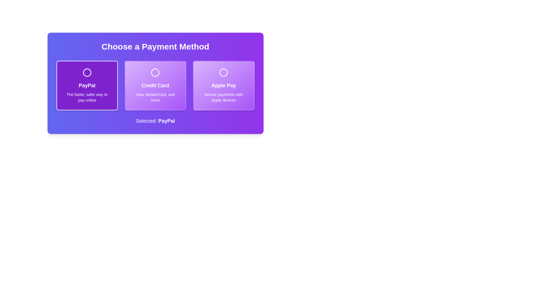 This screenshot has height=304, width=540. What do you see at coordinates (155, 72) in the screenshot?
I see `the circular icon representing the selection state within the 'Credit Card' payment option card, which is centrally located among the payment options` at bounding box center [155, 72].